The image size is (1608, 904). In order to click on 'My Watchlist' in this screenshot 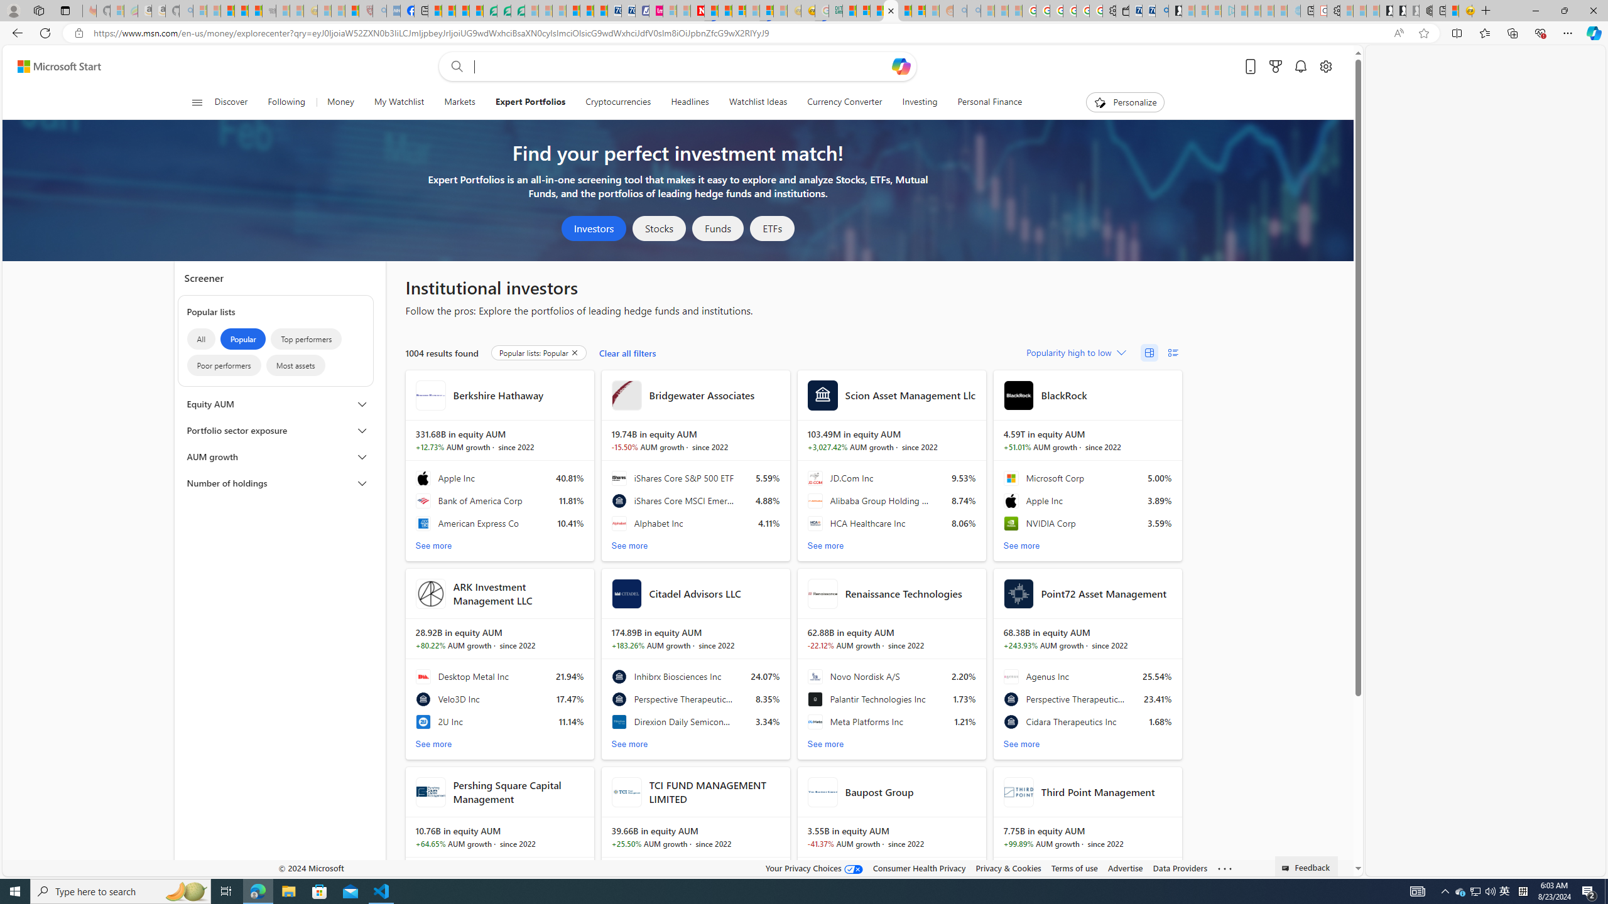, I will do `click(398, 102)`.